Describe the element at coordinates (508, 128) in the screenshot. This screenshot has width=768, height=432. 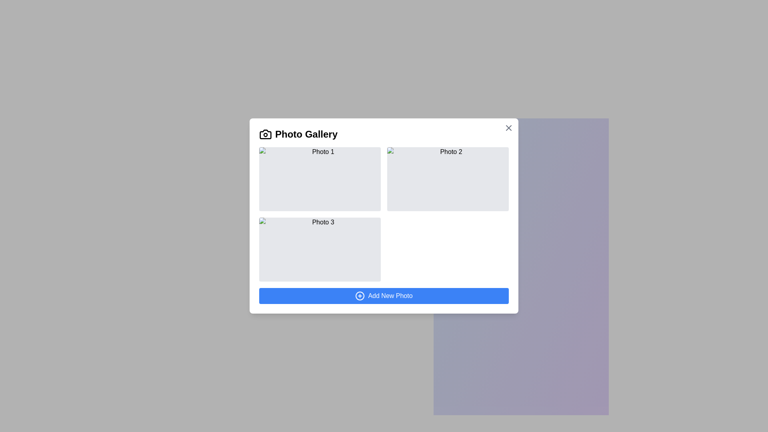
I see `the 'X' icon represented by the thin diagonal line in the top-right corner of the modal dialog header to receive visual feedback` at that location.